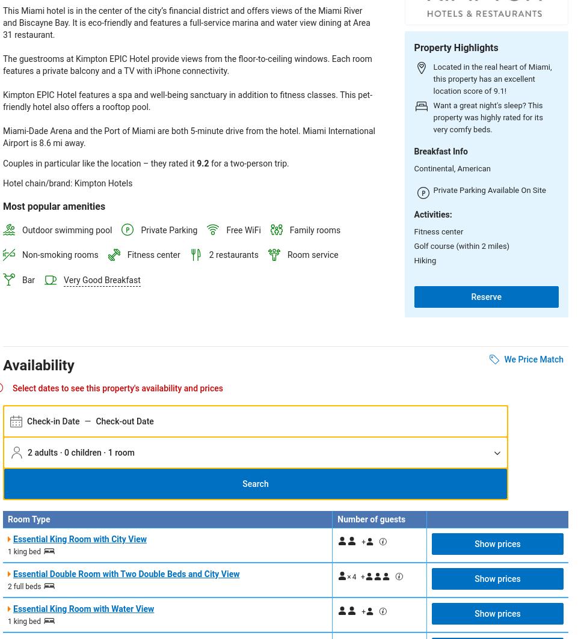 This screenshot has height=639, width=578. What do you see at coordinates (243, 230) in the screenshot?
I see `'Free WiFi'` at bounding box center [243, 230].